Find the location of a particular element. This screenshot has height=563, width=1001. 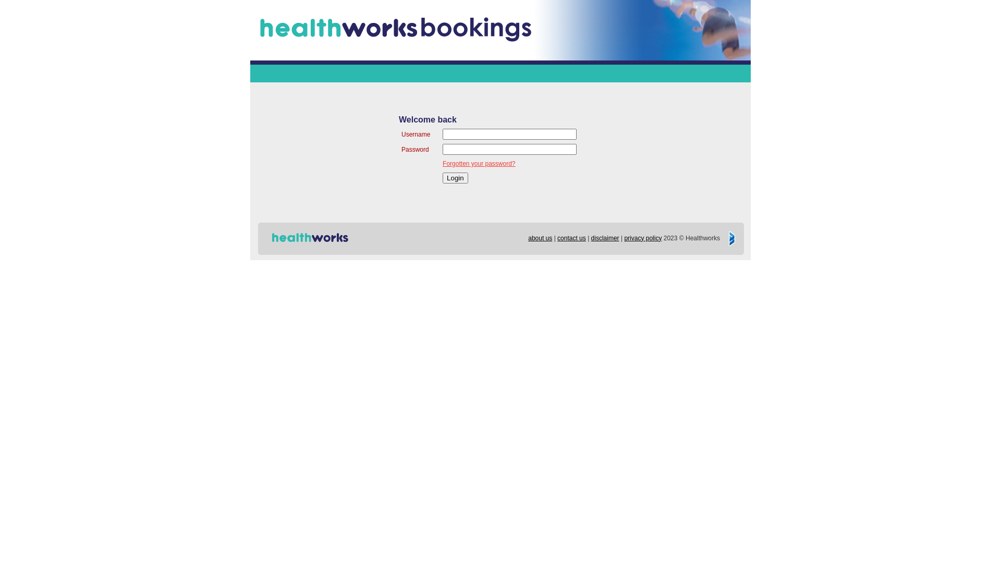

'Healthworks&reg;' is located at coordinates (309, 238).